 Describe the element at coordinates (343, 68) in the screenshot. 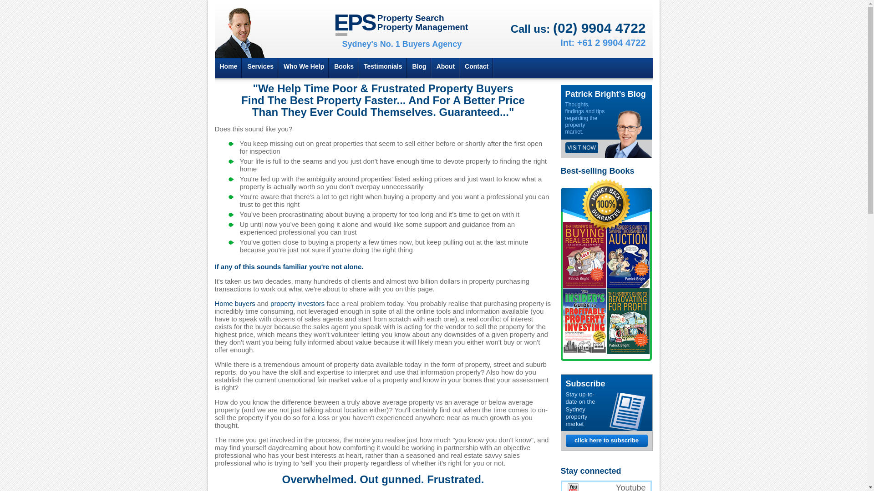

I see `'Books'` at that location.